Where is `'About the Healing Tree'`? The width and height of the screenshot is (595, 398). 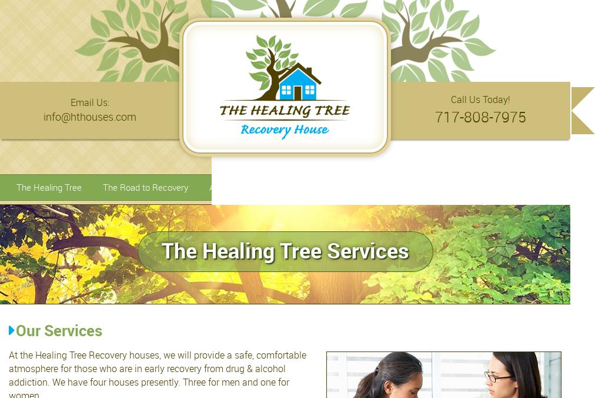 'About the Healing Tree' is located at coordinates (253, 187).